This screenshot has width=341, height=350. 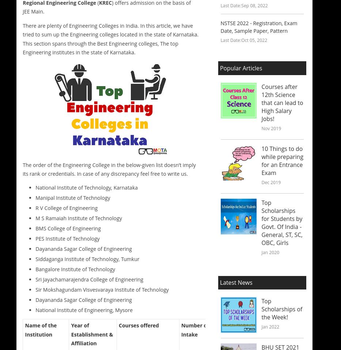 I want to click on 'R V College of Engineering', so click(x=67, y=207).